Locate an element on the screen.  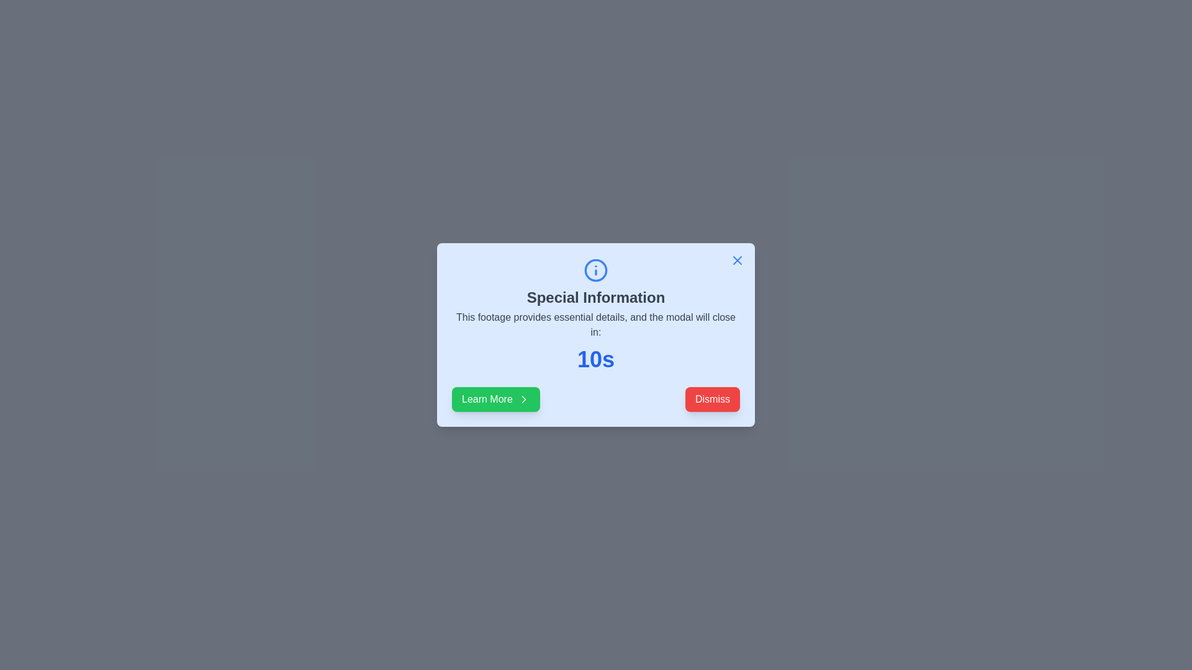
the large, bold, blue text reading '10s' located beneath the descriptive information in the modal dialog is located at coordinates (596, 359).